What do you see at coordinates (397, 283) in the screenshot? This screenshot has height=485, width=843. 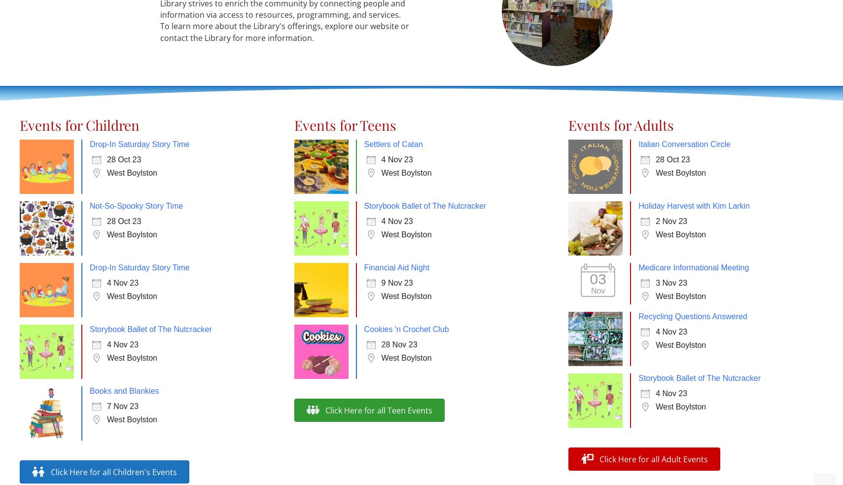 I see `'9 Nov 23'` at bounding box center [397, 283].